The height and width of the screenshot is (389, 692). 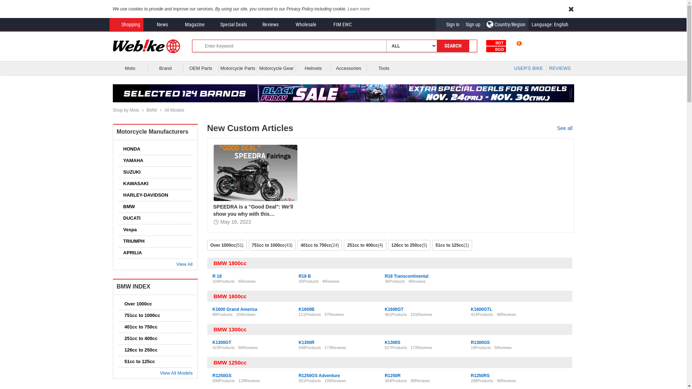 What do you see at coordinates (383, 68) in the screenshot?
I see `'Tools'` at bounding box center [383, 68].